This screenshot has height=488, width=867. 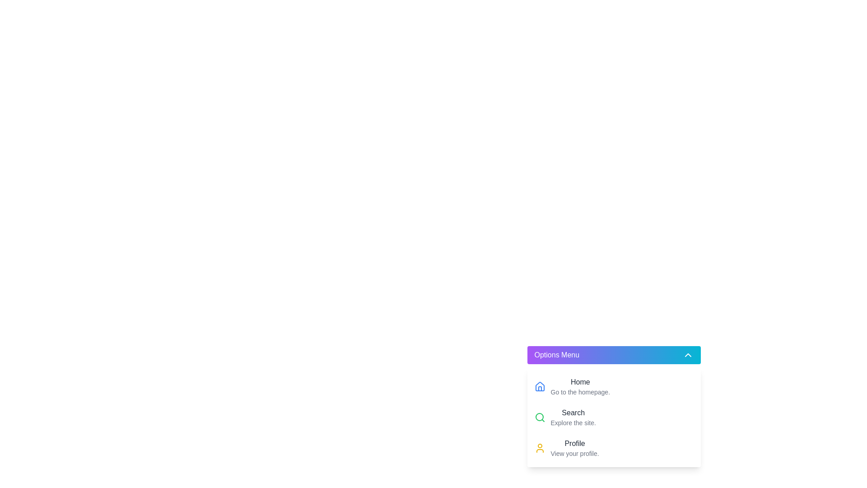 What do you see at coordinates (614, 418) in the screenshot?
I see `the second option in the 'Options Menu' dropdown, labeled 'SearchExplore the site.'` at bounding box center [614, 418].